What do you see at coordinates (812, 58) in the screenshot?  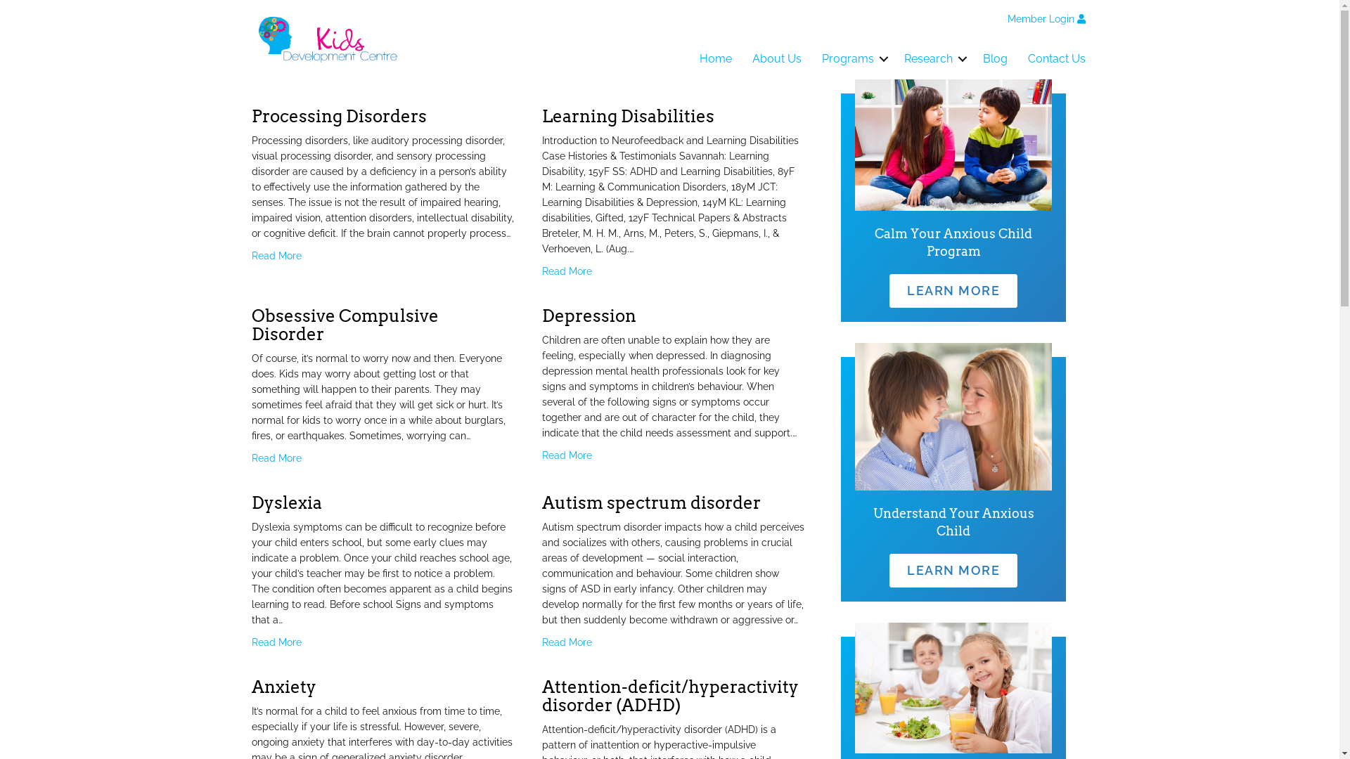 I see `'Programs'` at bounding box center [812, 58].